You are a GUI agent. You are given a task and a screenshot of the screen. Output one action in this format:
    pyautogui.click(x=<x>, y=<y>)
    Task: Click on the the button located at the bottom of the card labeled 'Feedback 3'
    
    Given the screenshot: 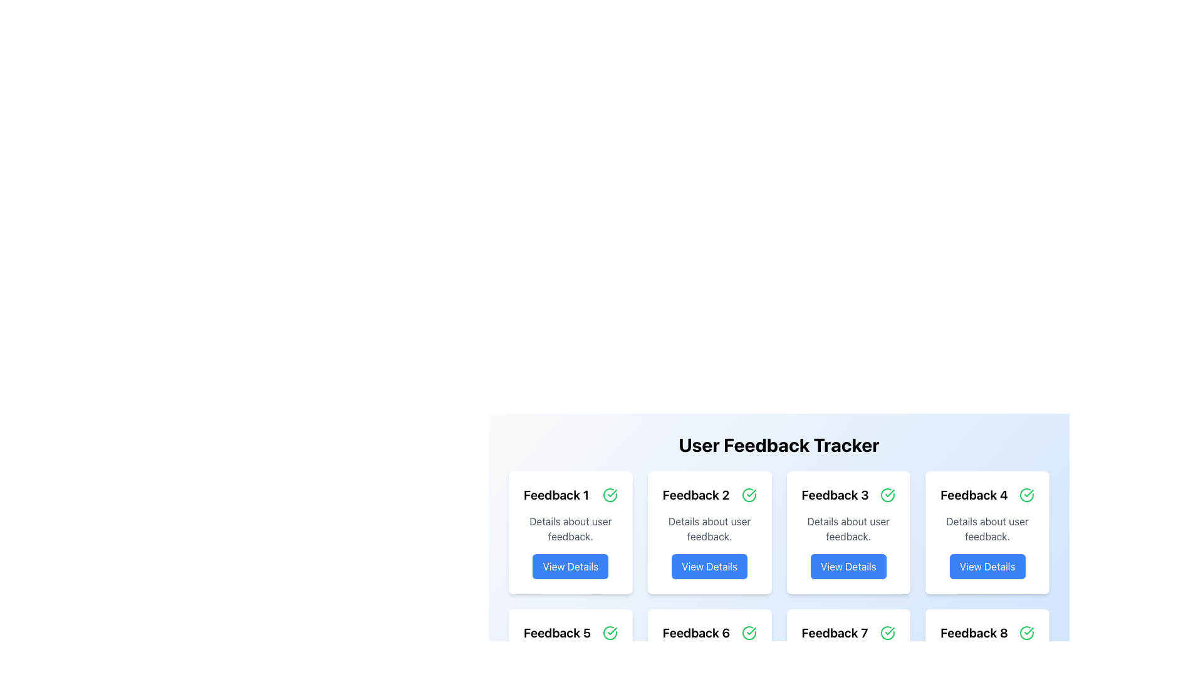 What is the action you would take?
    pyautogui.click(x=848, y=566)
    